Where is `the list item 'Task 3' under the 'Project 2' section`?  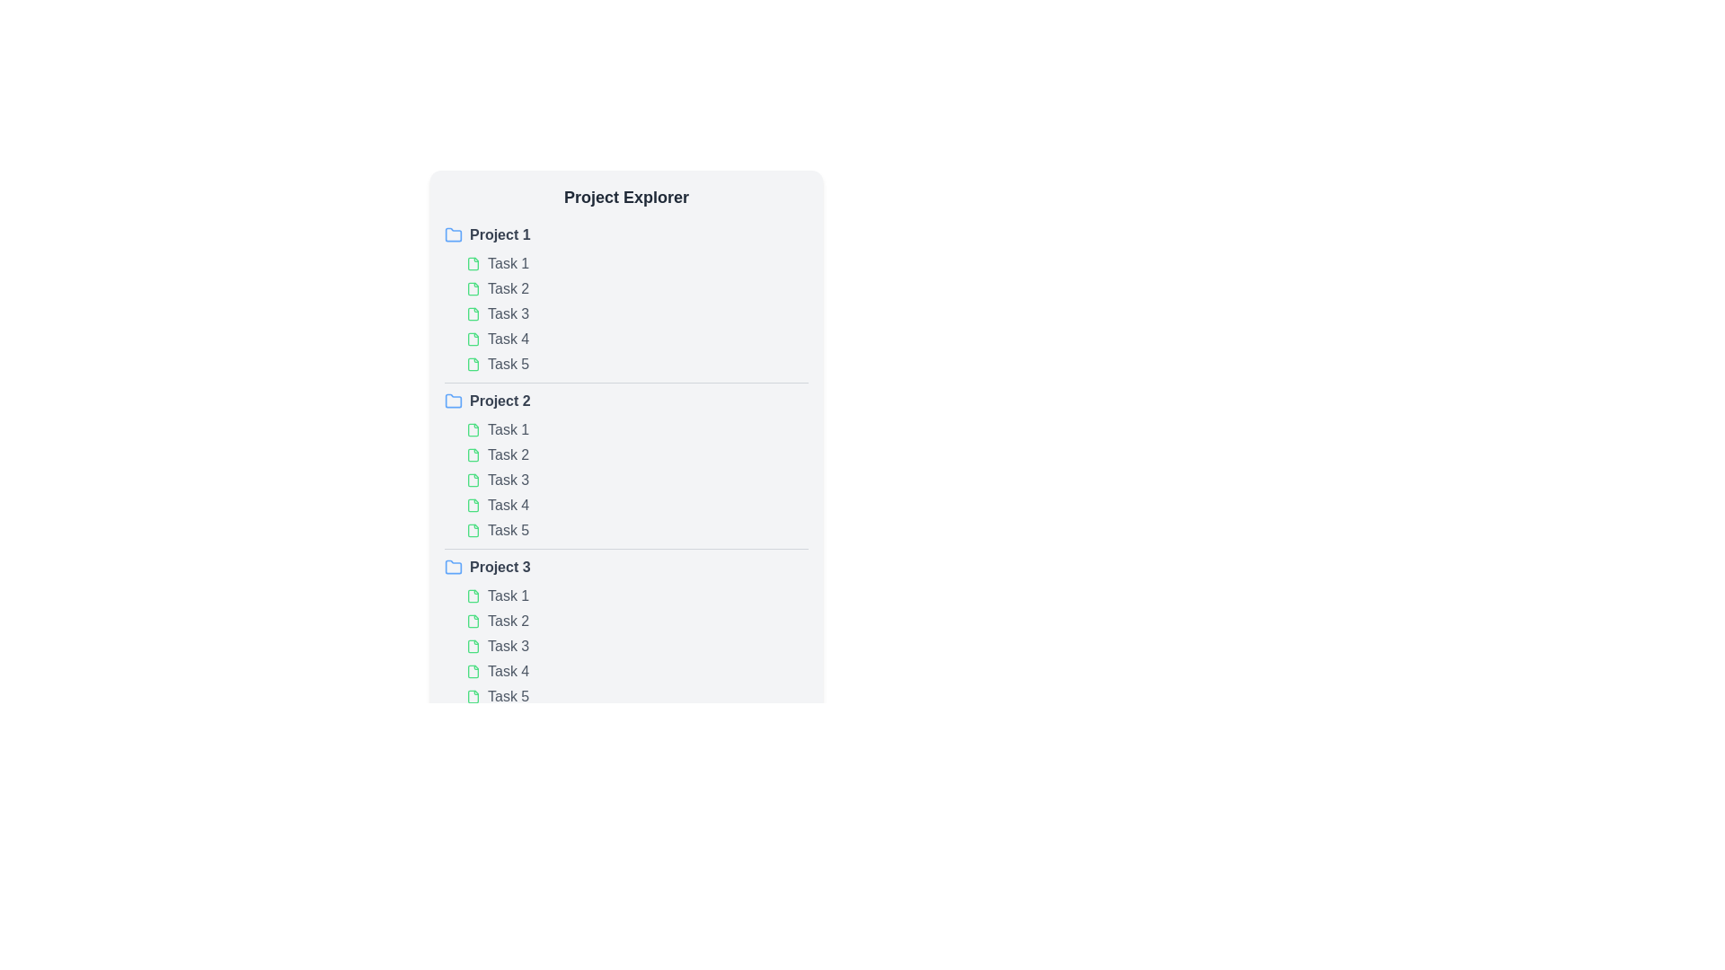
the list item 'Task 3' under the 'Project 2' section is located at coordinates (637, 480).